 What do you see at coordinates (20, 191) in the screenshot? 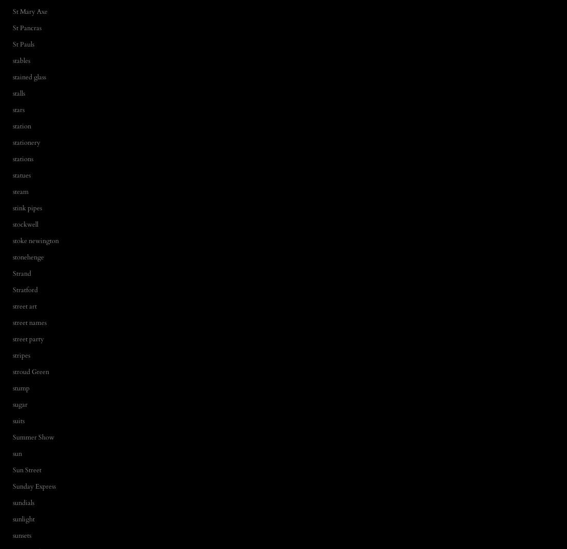
I see `'steam'` at bounding box center [20, 191].